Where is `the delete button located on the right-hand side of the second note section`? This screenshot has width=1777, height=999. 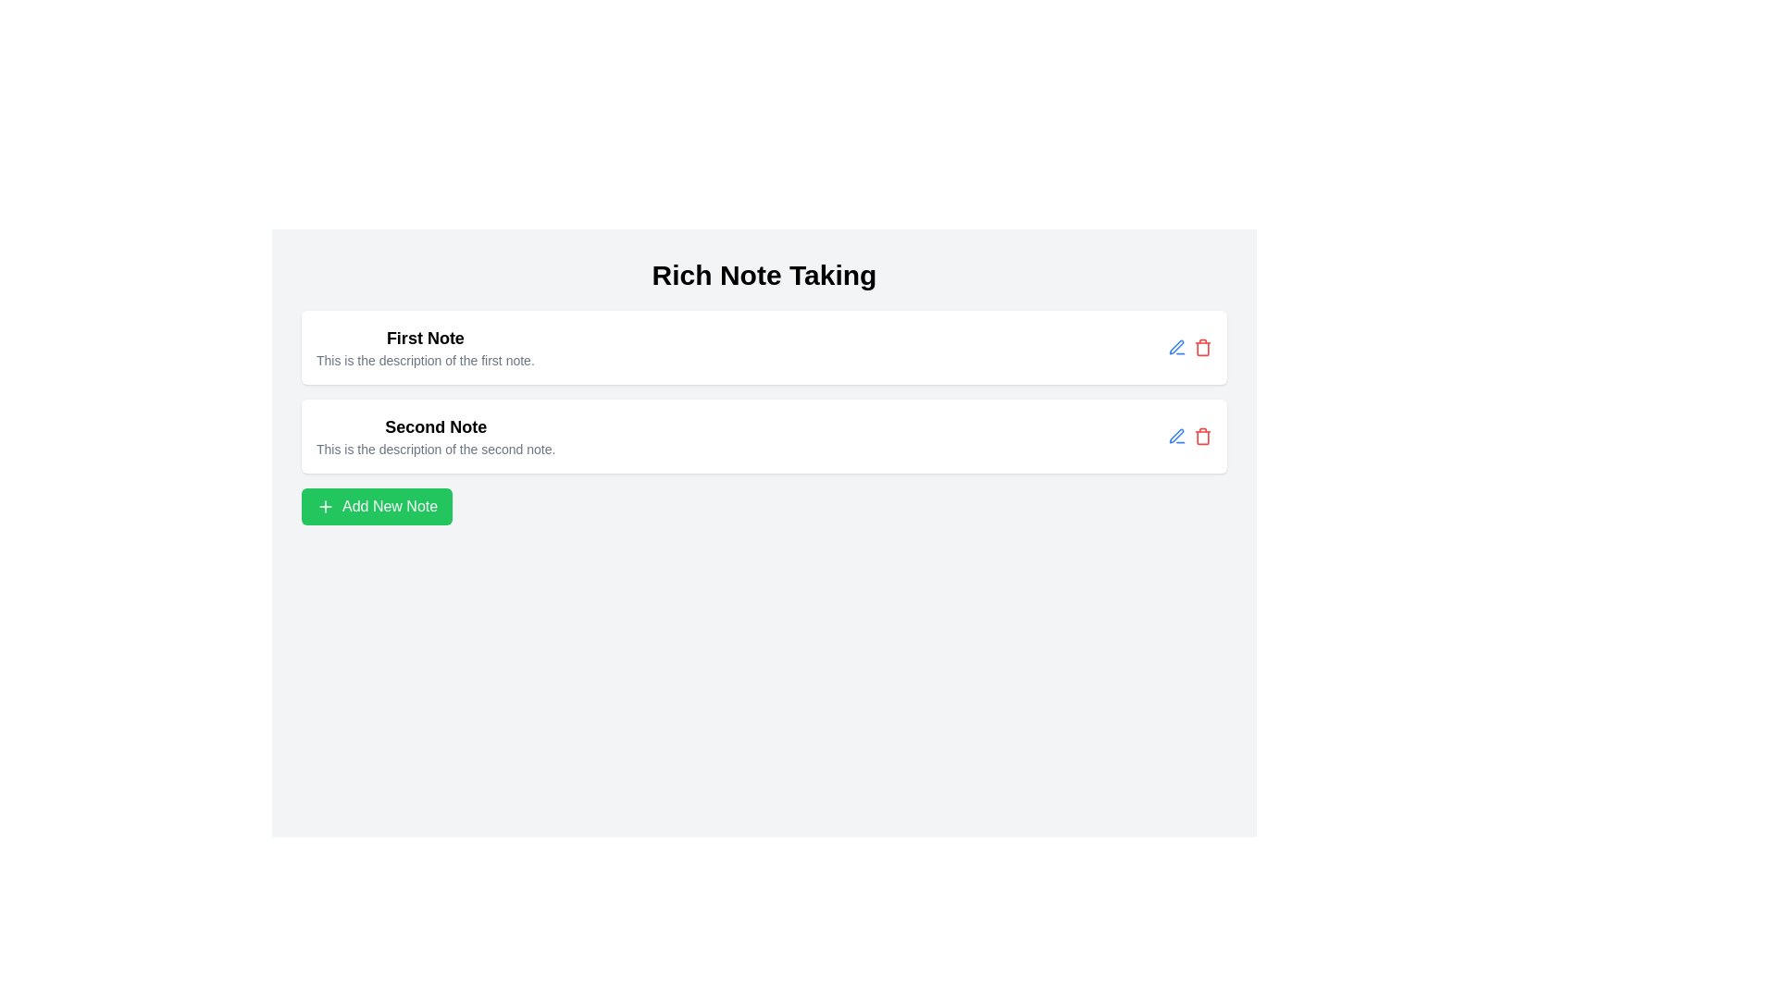
the delete button located on the right-hand side of the second note section is located at coordinates (1203, 436).